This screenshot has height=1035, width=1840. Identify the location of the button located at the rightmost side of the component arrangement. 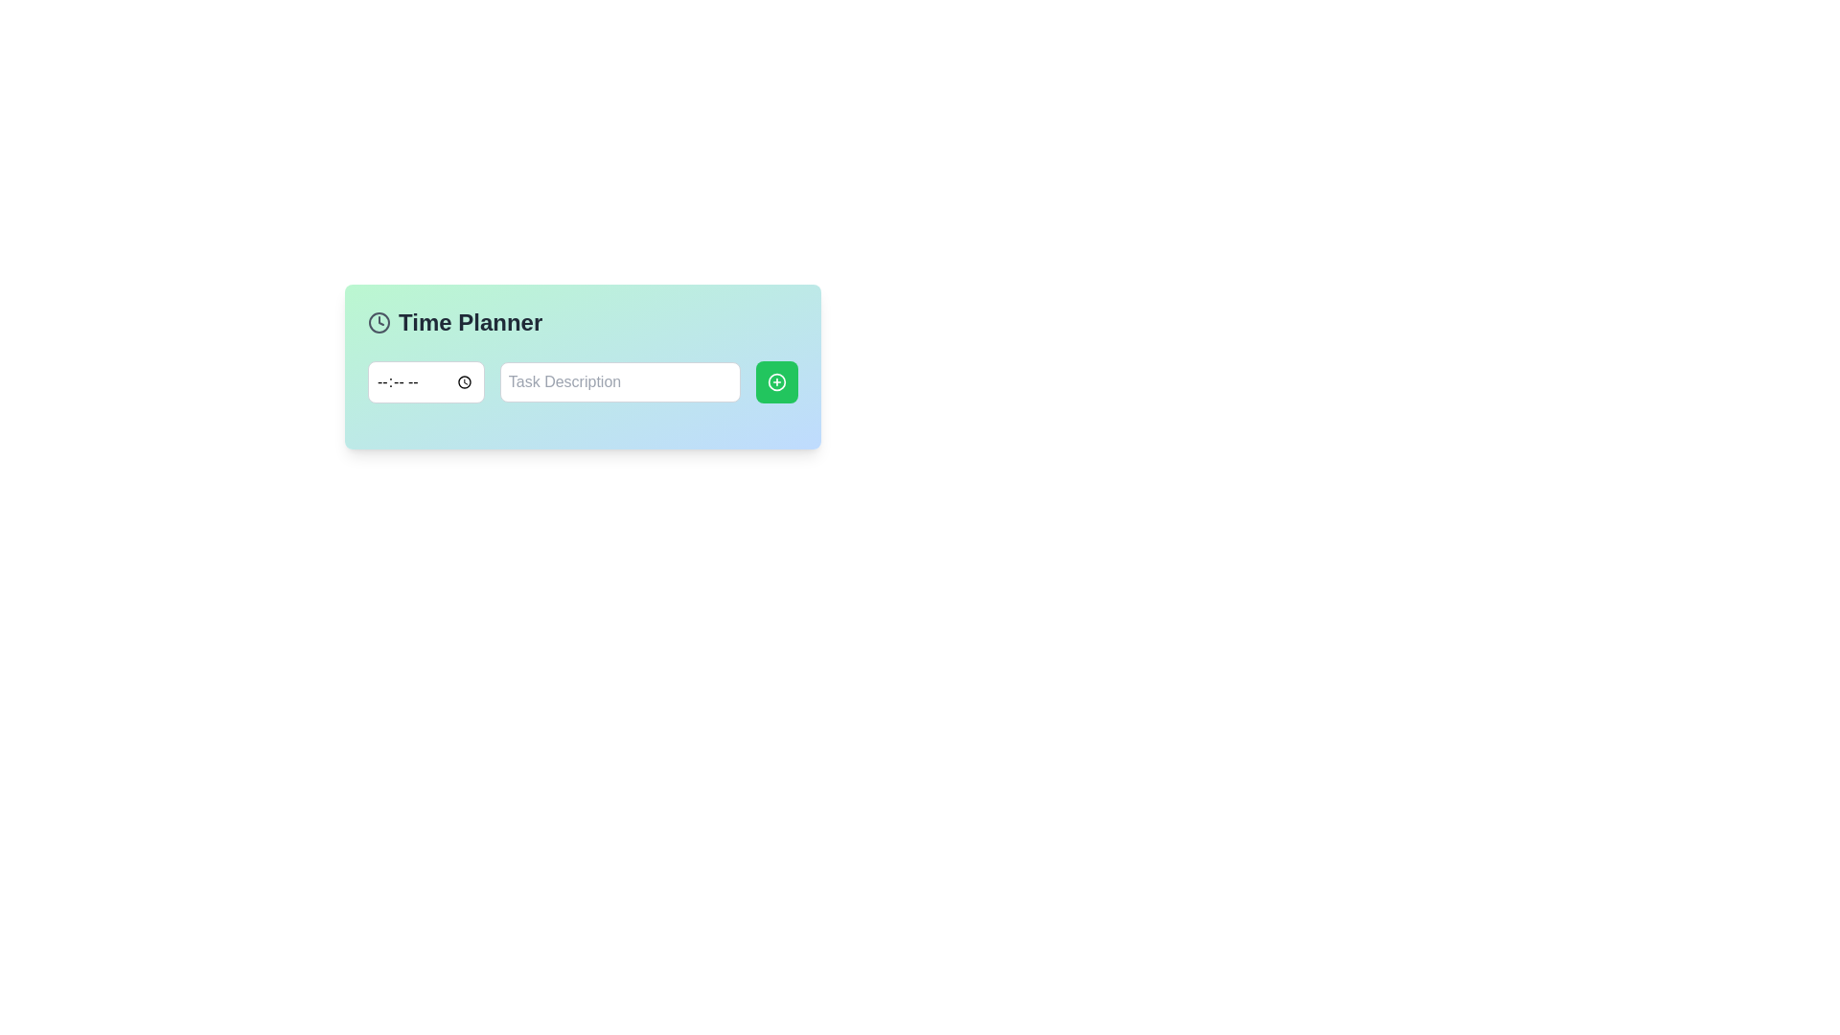
(777, 381).